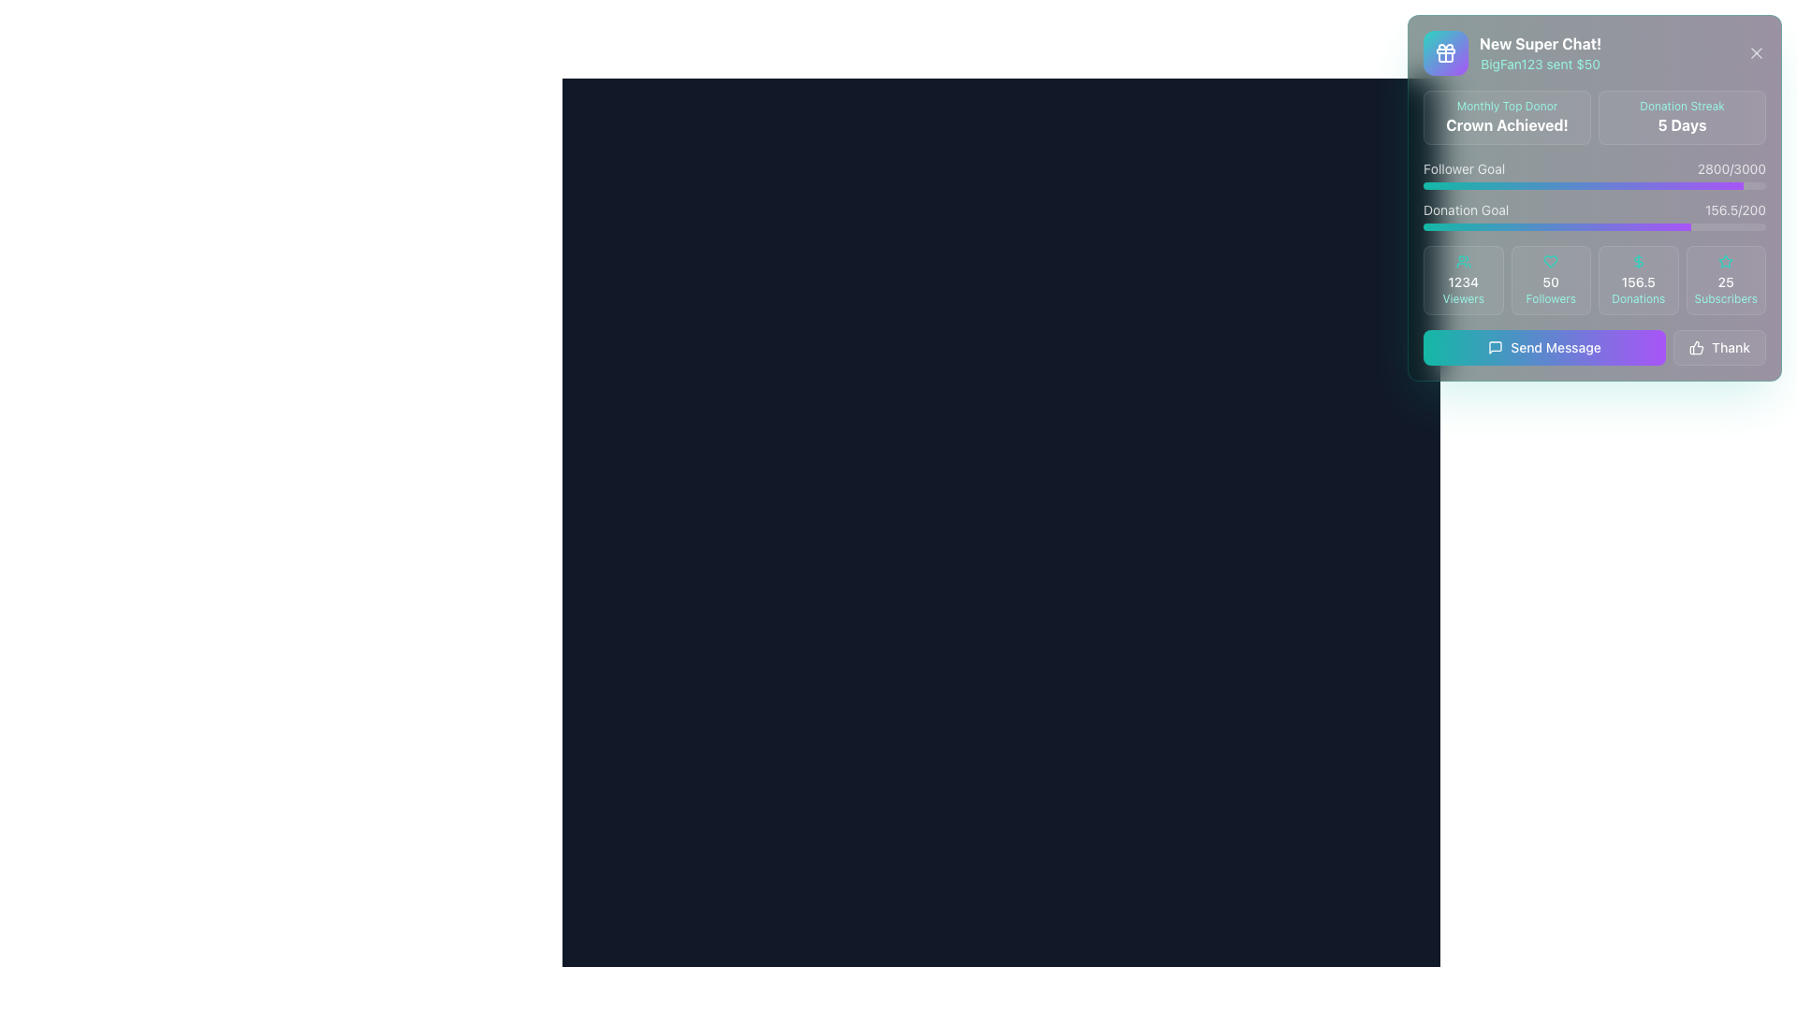 The image size is (1797, 1010). I want to click on SVG icon representing the action of sending a message, located within the 'Send Message' button towards the bottom of the visible card interface, so click(1495, 347).